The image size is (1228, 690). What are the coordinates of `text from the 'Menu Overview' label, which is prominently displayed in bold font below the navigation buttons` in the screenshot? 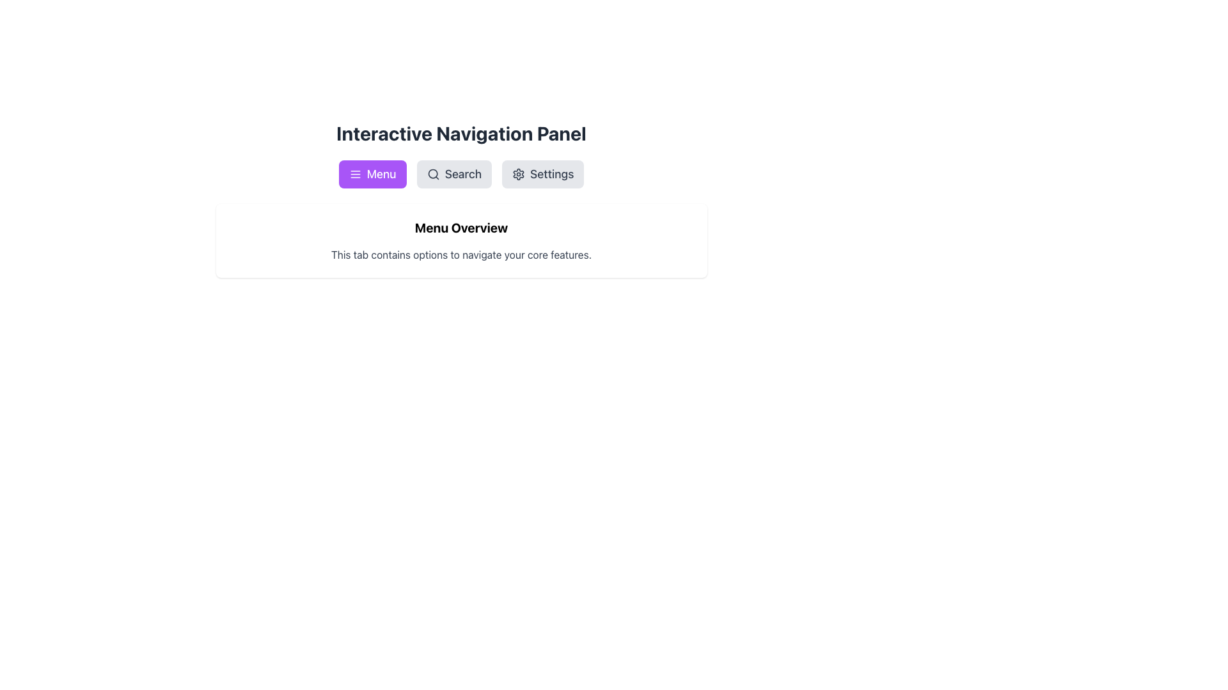 It's located at (460, 227).